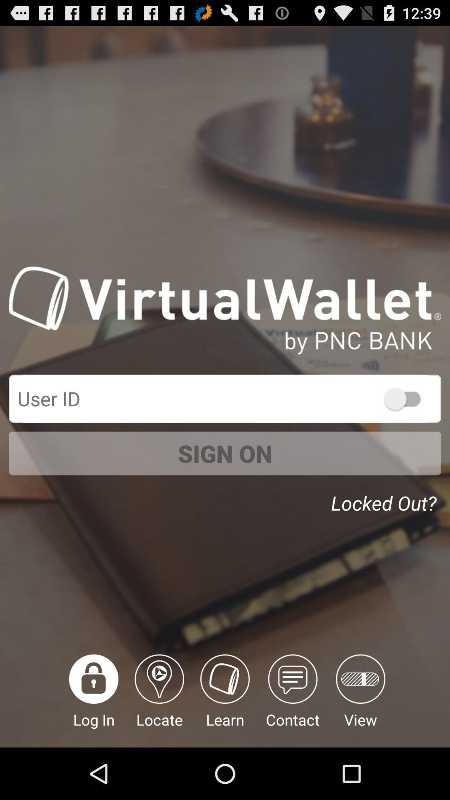 The height and width of the screenshot is (800, 450). I want to click on the icon to the left of contact item, so click(225, 700).